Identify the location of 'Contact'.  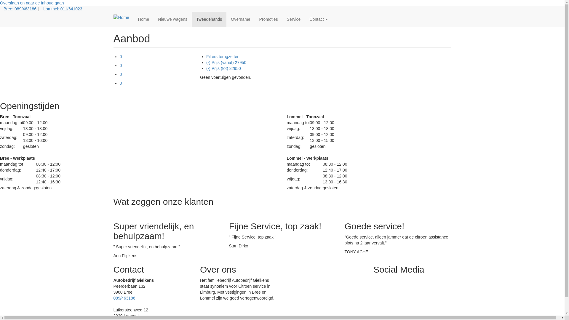
(305, 19).